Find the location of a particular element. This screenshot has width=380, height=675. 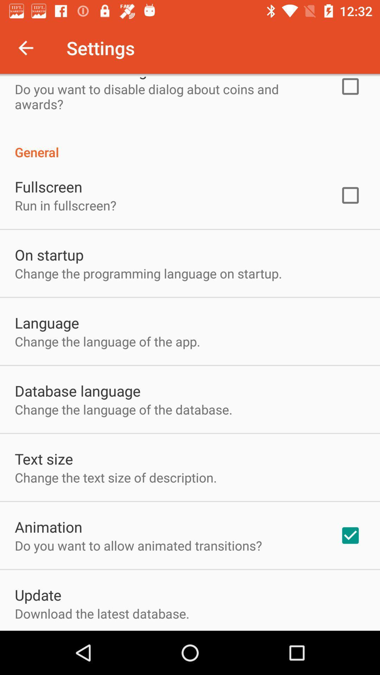

the item above on startup is located at coordinates (65, 205).